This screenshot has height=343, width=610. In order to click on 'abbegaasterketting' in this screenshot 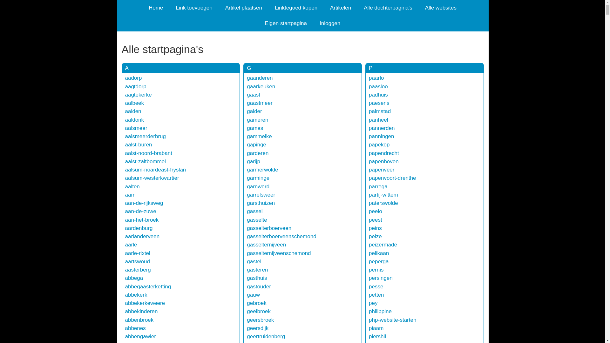, I will do `click(148, 286)`.